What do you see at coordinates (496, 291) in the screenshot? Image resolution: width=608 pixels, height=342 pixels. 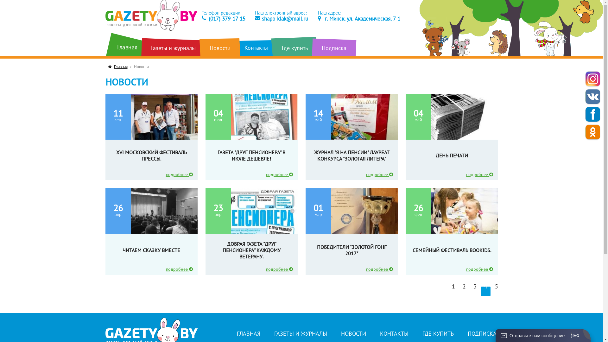 I see `'5'` at bounding box center [496, 291].